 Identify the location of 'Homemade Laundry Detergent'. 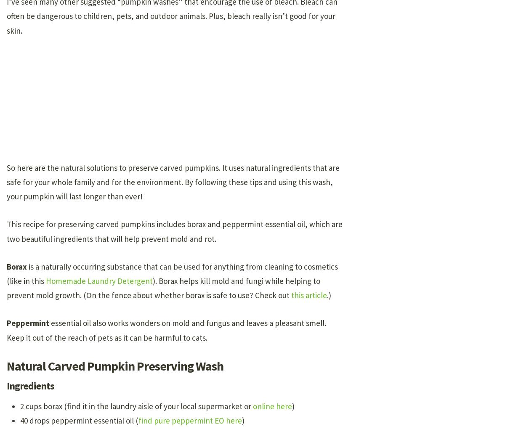
(99, 280).